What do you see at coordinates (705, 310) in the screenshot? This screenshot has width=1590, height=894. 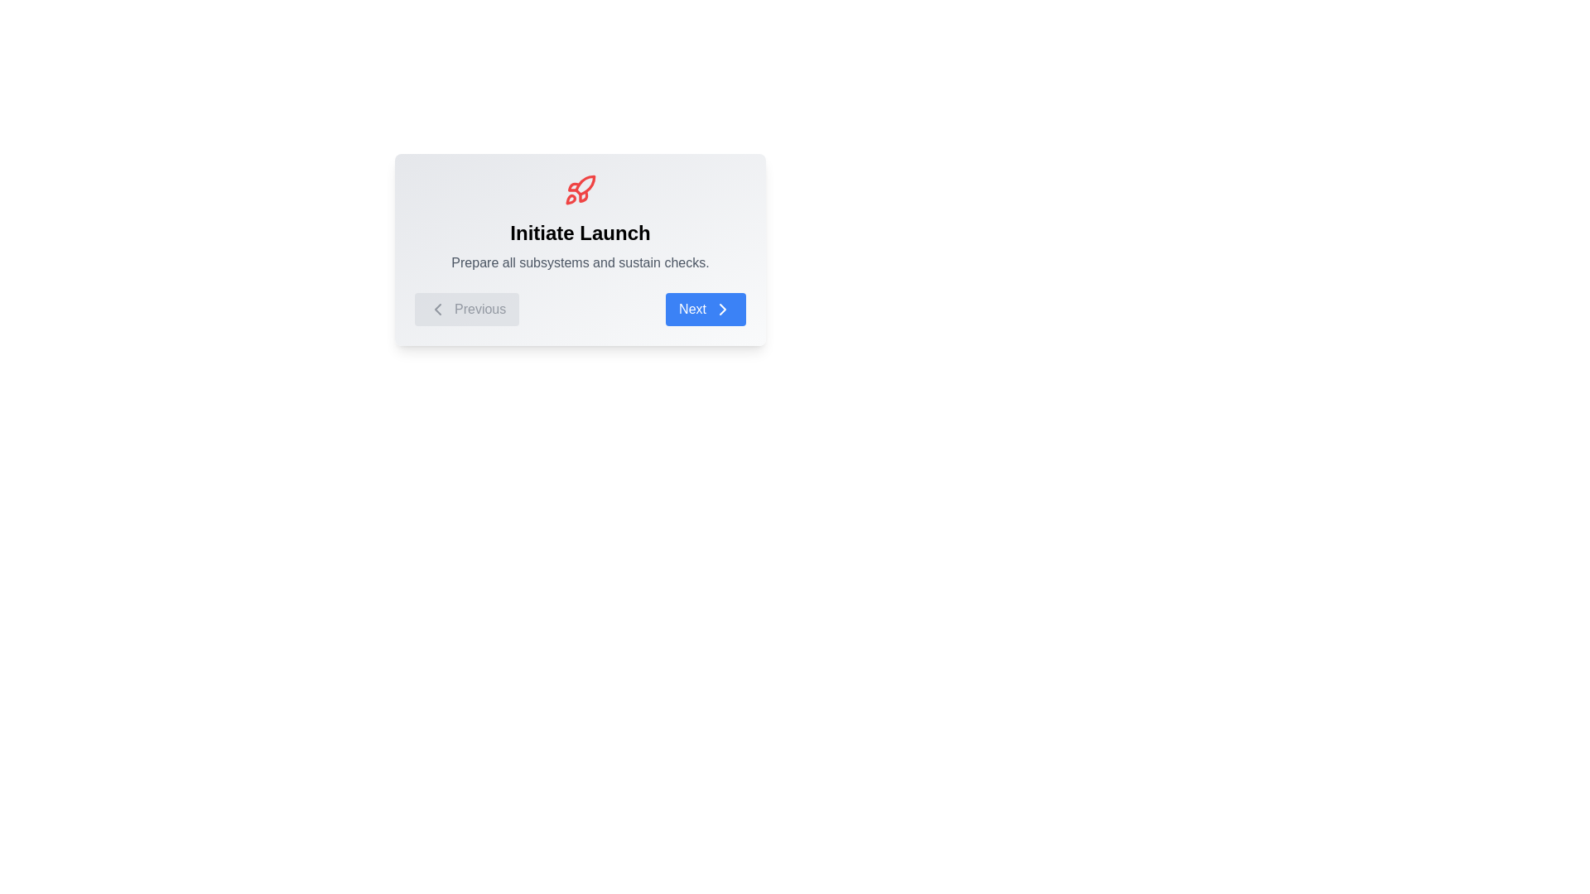 I see `the 'Next' button to proceed to the next step` at bounding box center [705, 310].